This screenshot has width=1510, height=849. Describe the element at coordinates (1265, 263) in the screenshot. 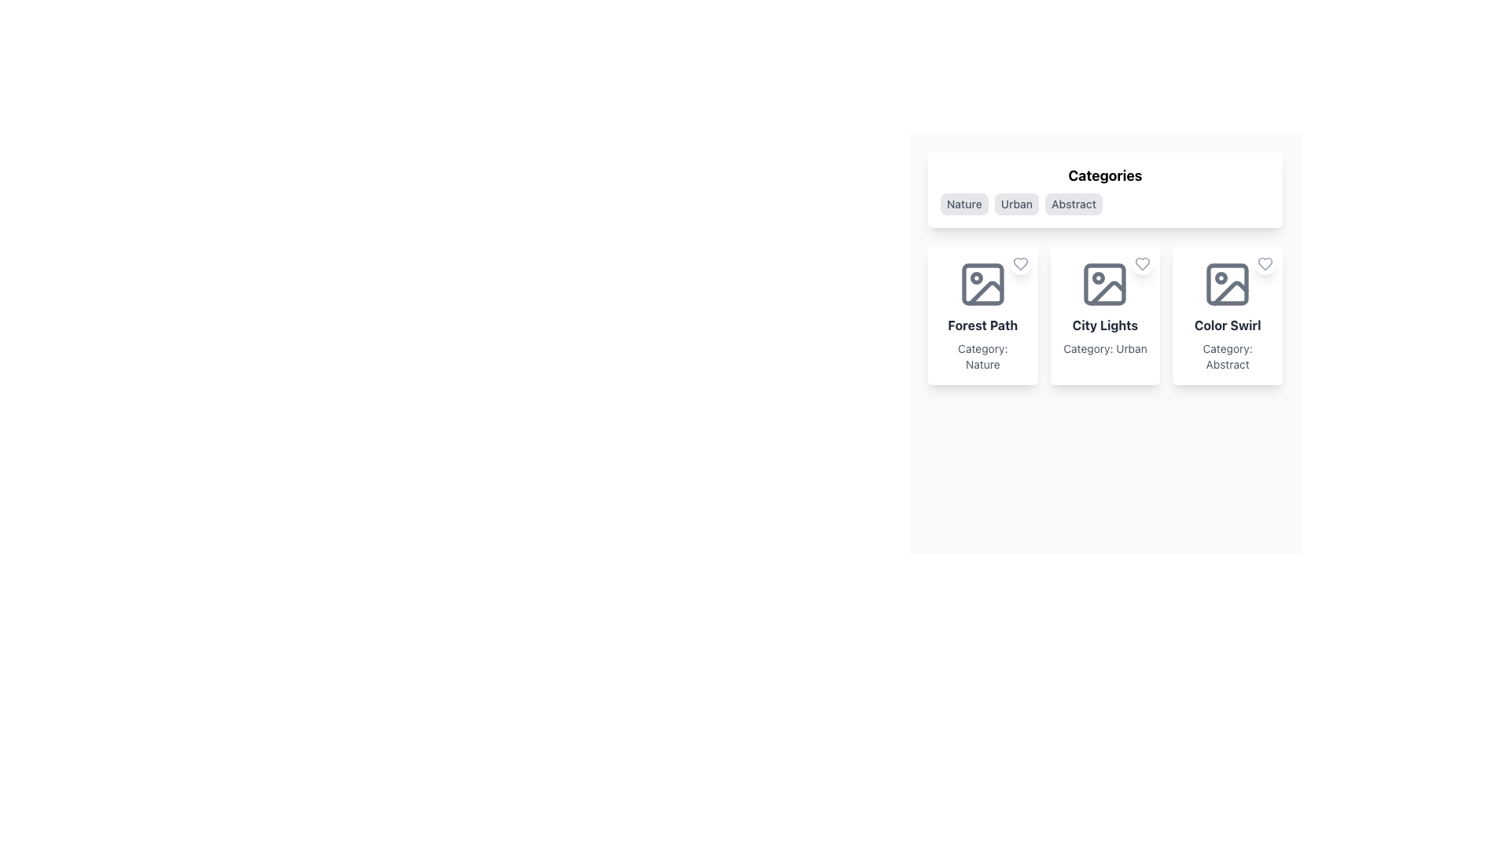

I see `the heart-shaped icon located at the top-right corner of the 'Color Swirl' card` at that location.